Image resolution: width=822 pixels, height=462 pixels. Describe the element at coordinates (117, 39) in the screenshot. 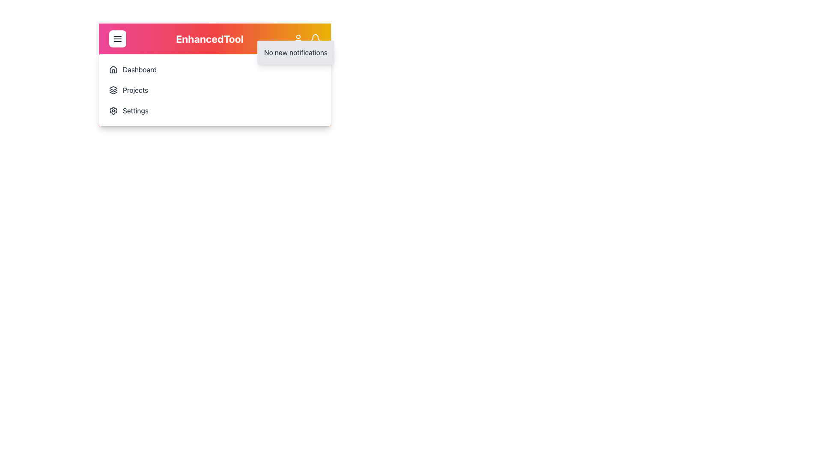

I see `the menu toggle button located next to the 'EnhancedTool' logo` at that location.